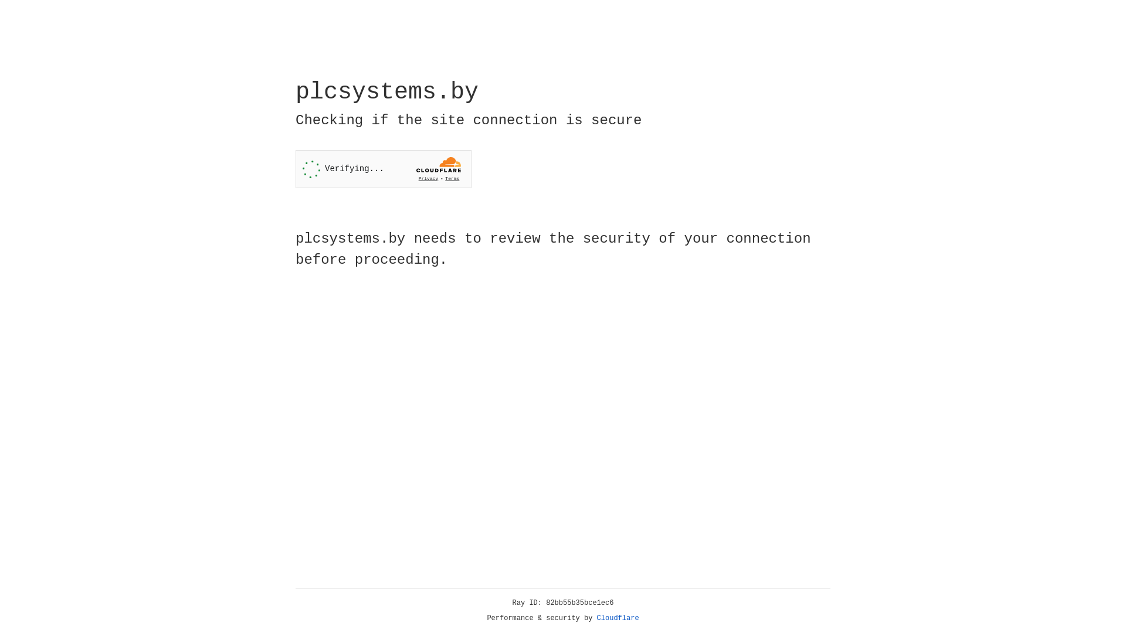 The width and height of the screenshot is (1126, 633). Describe the element at coordinates (618, 618) in the screenshot. I see `'Cloudflare'` at that location.